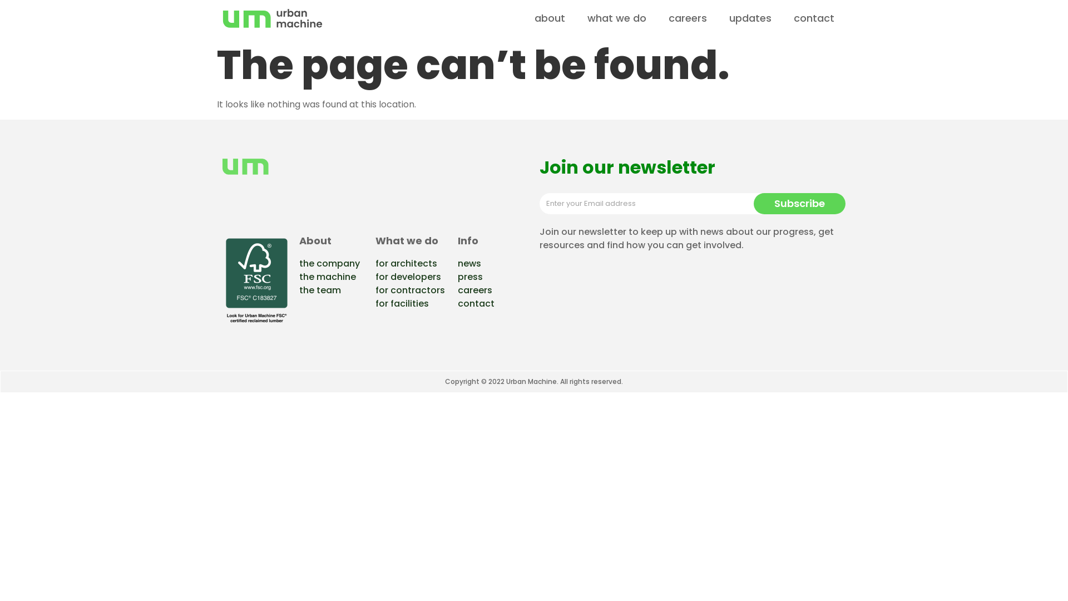  What do you see at coordinates (408, 276) in the screenshot?
I see `'for developers'` at bounding box center [408, 276].